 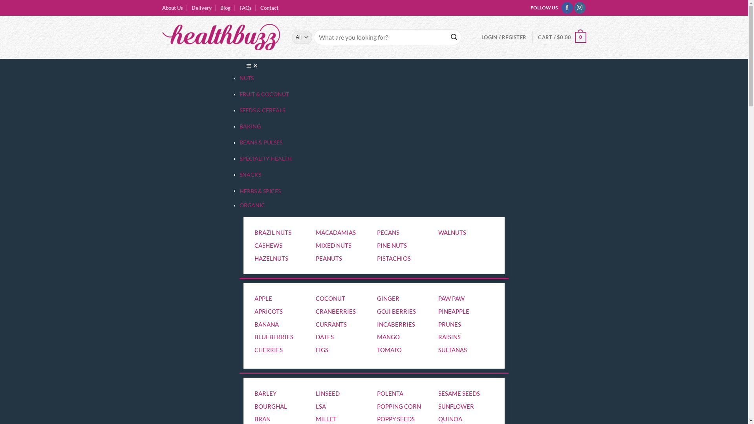 I want to click on 'POLENTA', so click(x=390, y=393).